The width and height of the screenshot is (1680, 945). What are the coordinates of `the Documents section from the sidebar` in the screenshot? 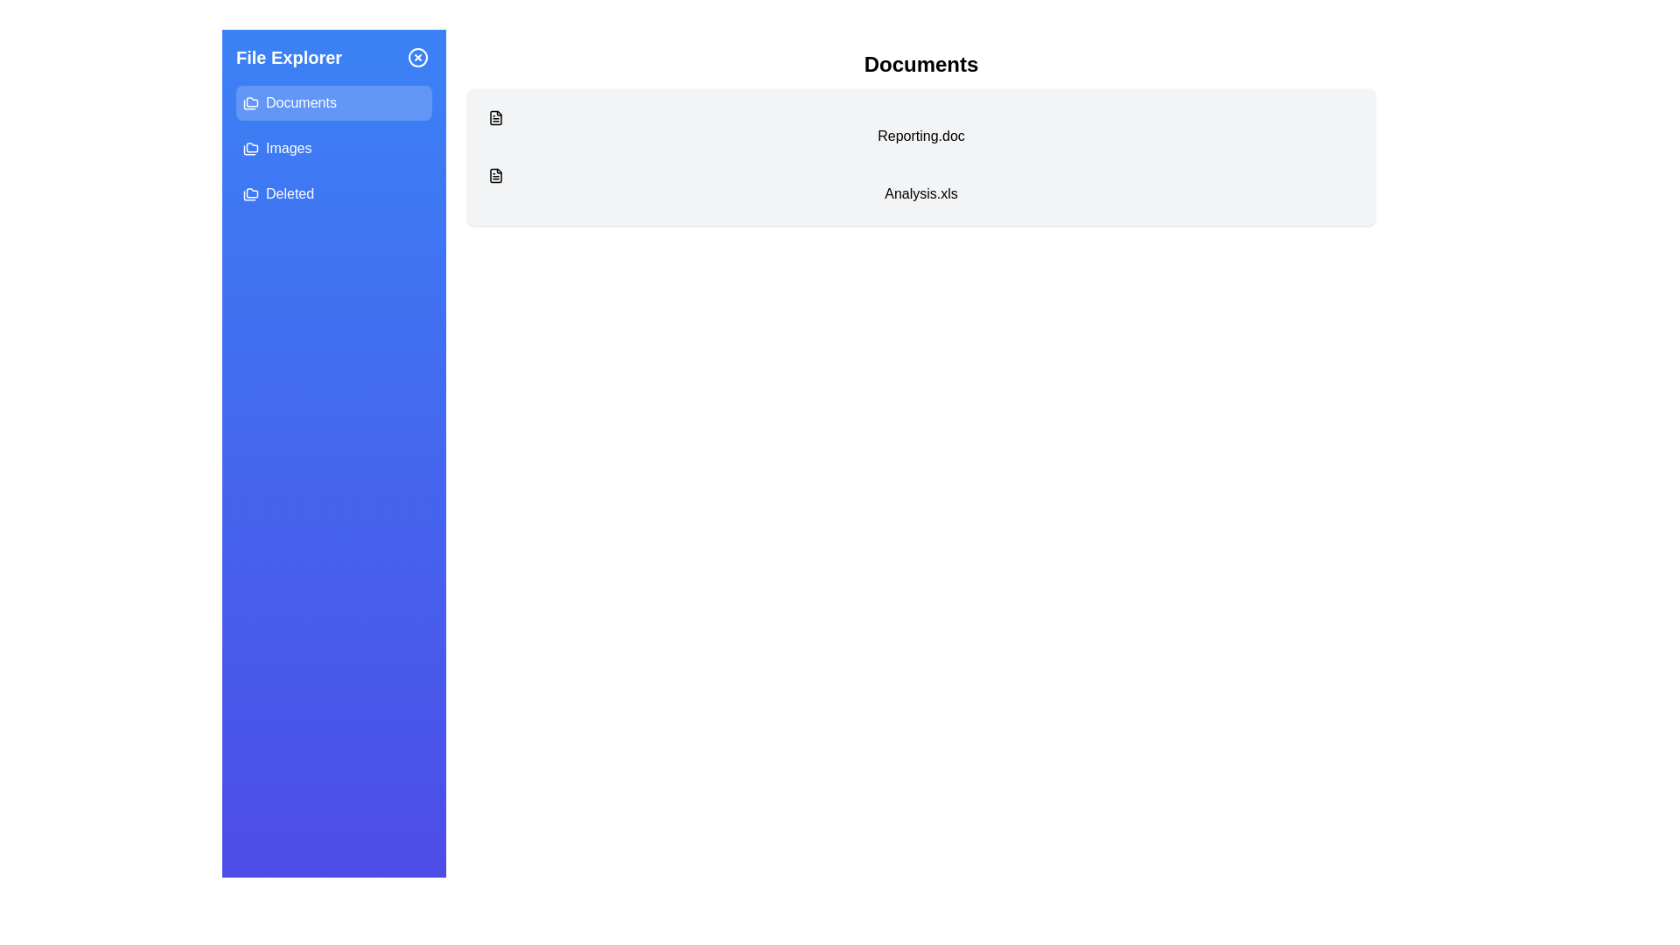 It's located at (334, 103).